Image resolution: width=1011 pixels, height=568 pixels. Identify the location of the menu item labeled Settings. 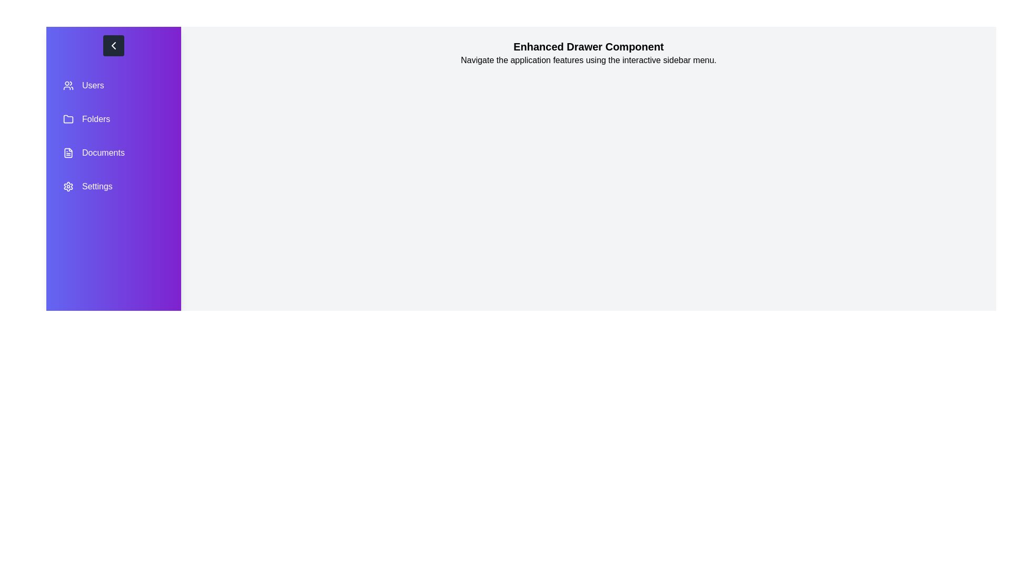
(114, 186).